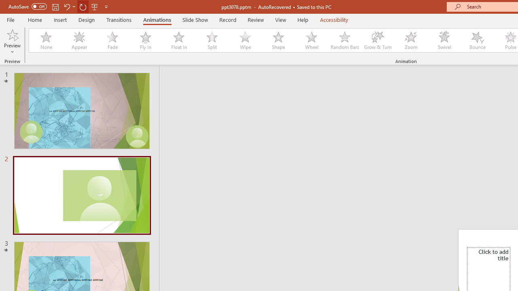 Image resolution: width=518 pixels, height=291 pixels. Describe the element at coordinates (478, 40) in the screenshot. I see `'Bounce'` at that location.